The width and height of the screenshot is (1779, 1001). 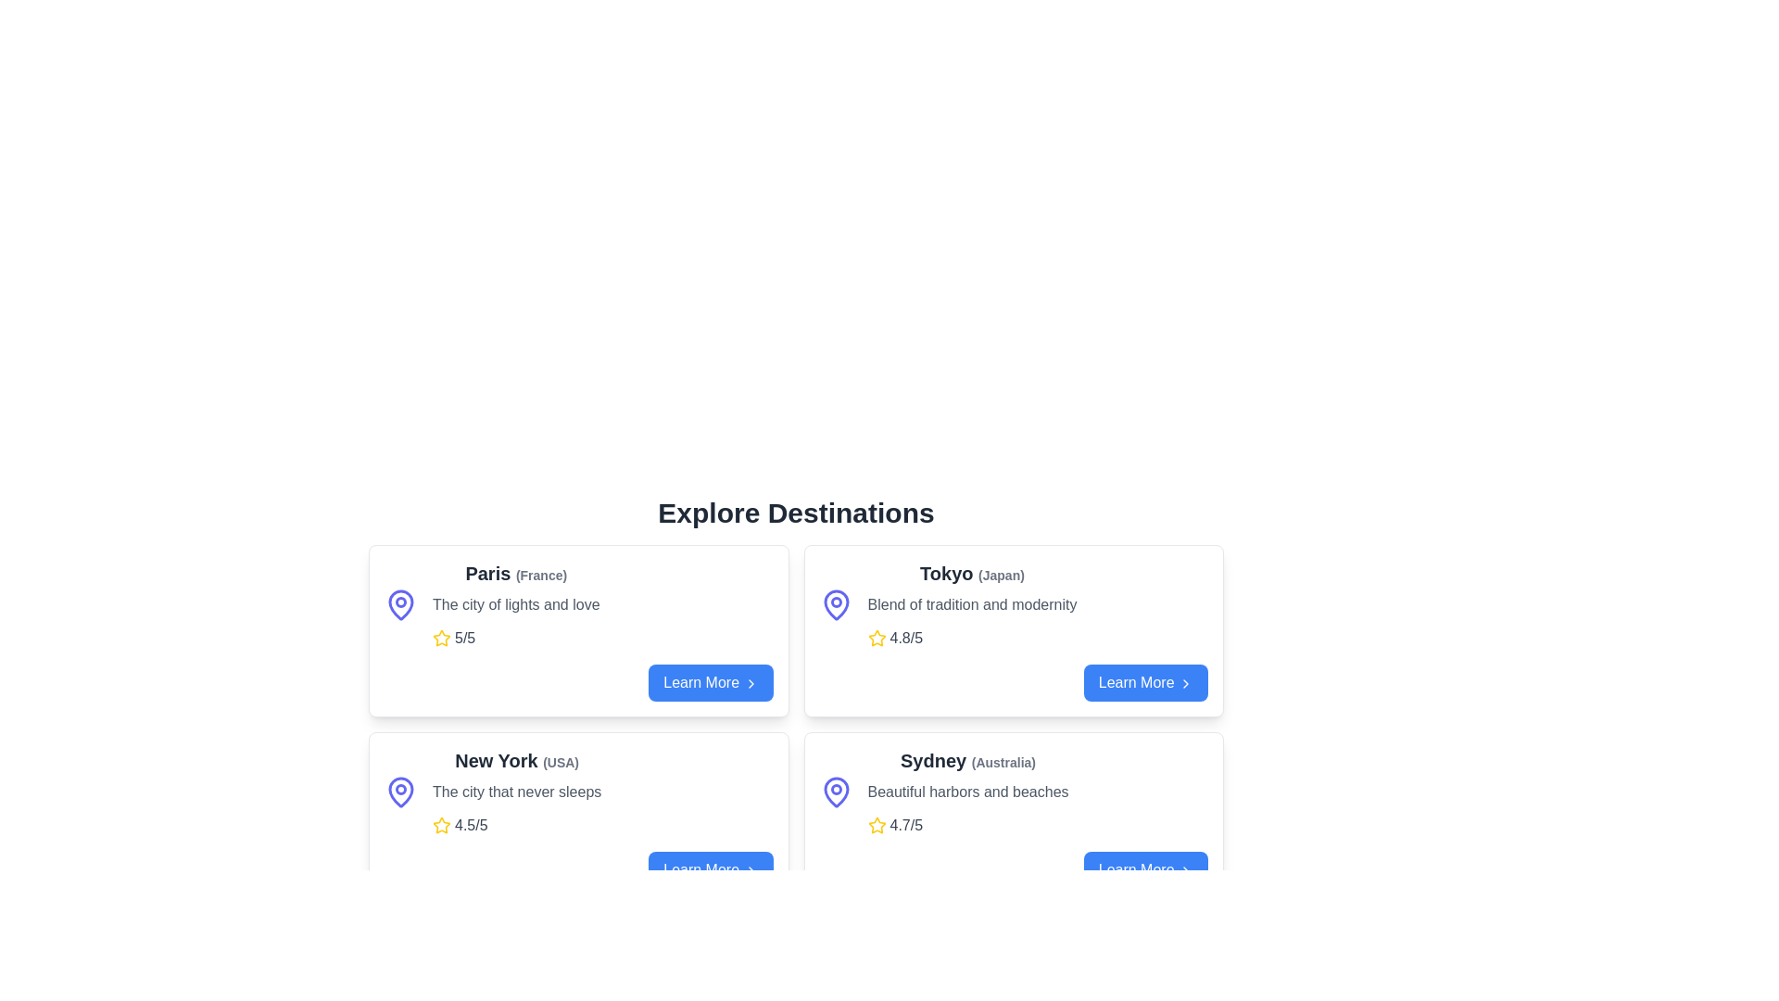 I want to click on the 'Learn More' button with a bright blue background located in the bottom-right corner of the 'Tokyo (Japan)' card, so click(x=1144, y=682).